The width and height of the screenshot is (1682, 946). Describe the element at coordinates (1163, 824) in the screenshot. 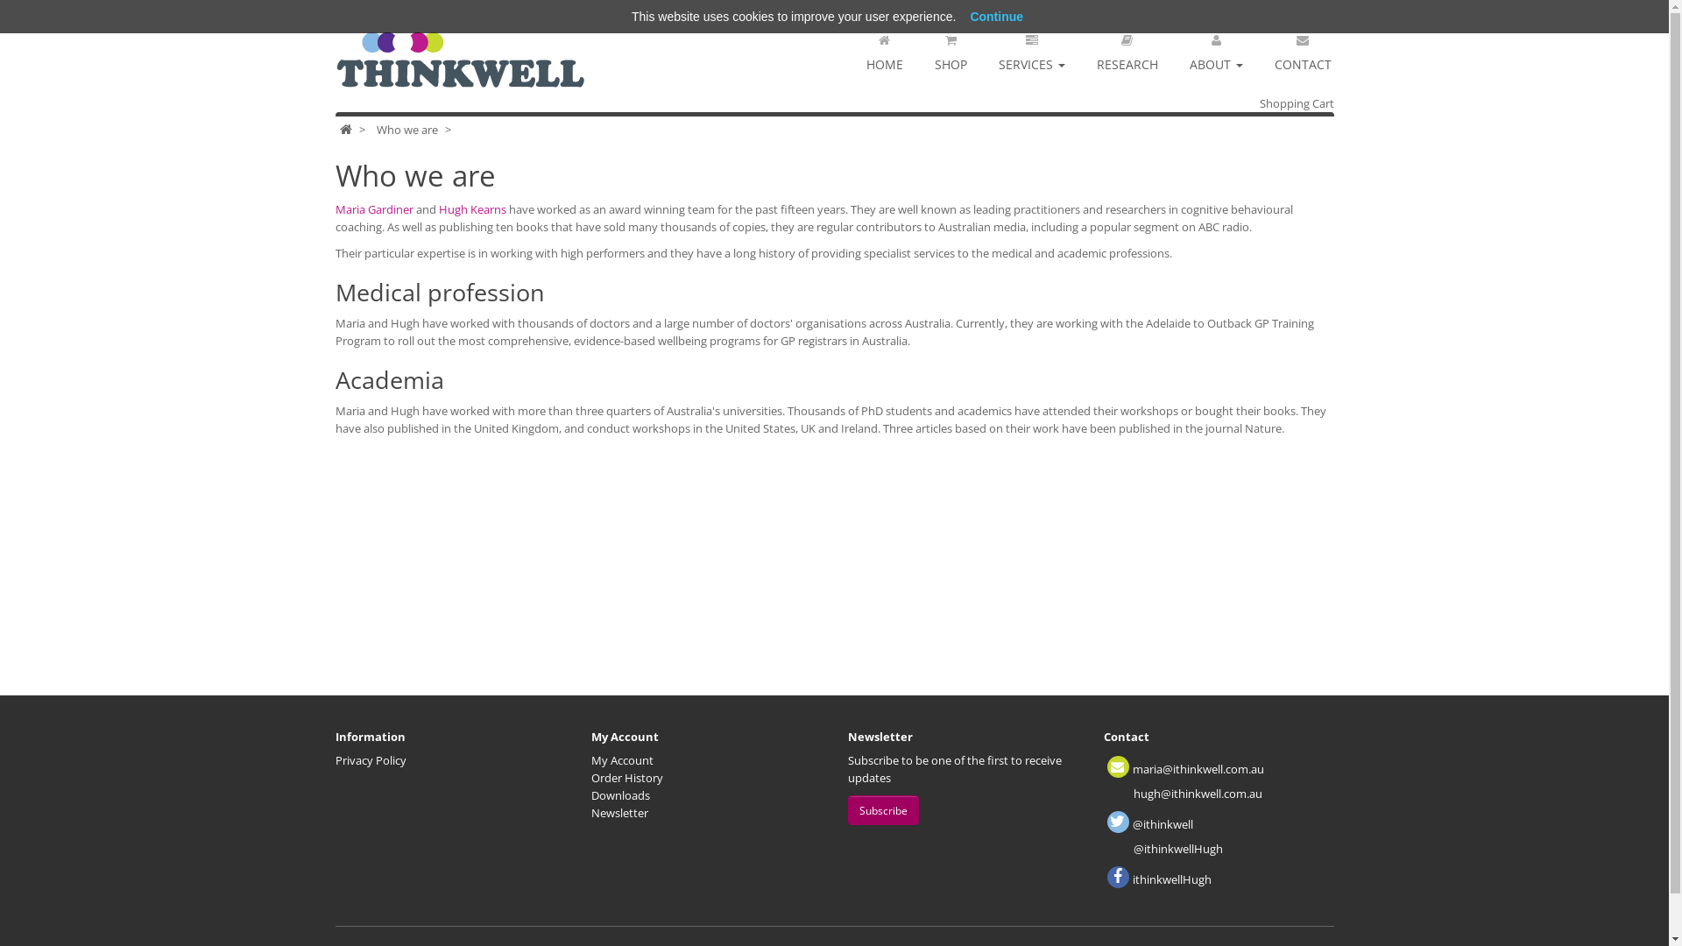

I see `'@ithinkwell'` at that location.